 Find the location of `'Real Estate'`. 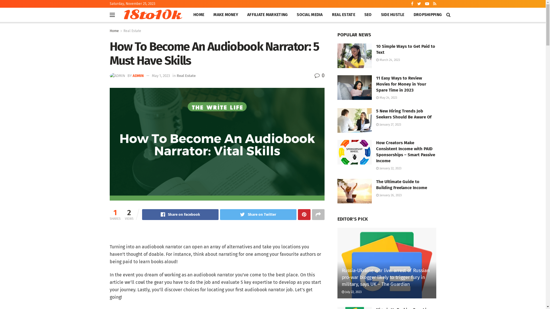

'Real Estate' is located at coordinates (186, 75).